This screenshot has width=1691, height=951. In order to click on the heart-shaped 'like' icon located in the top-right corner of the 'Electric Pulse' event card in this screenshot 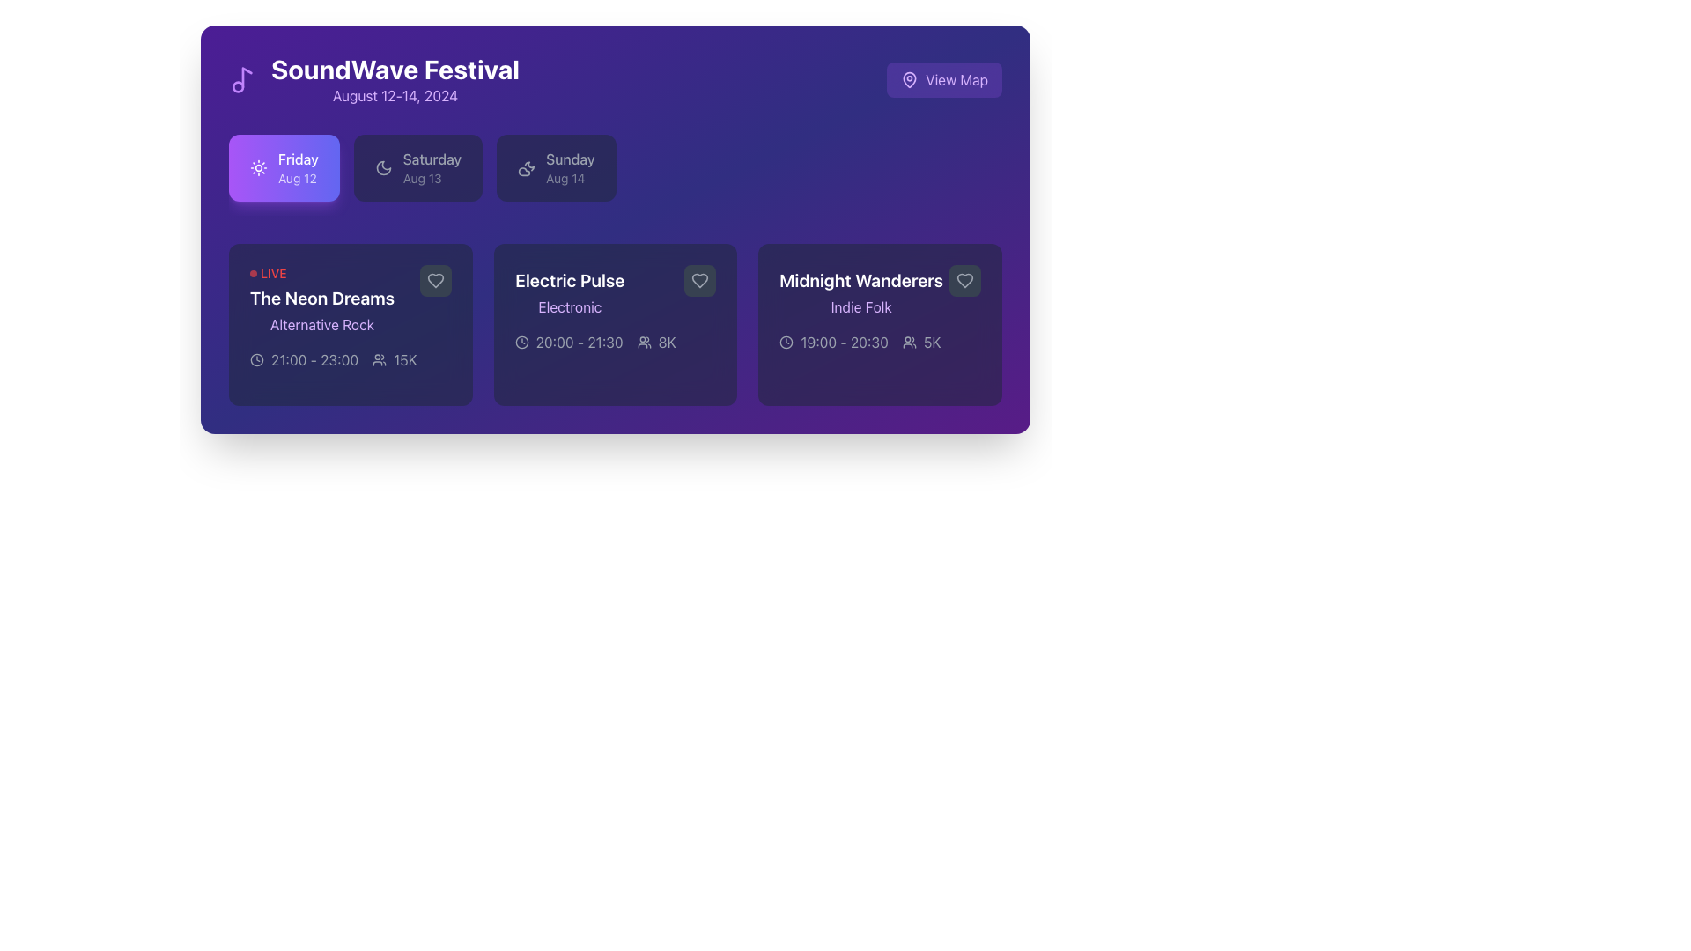, I will do `click(699, 280)`.